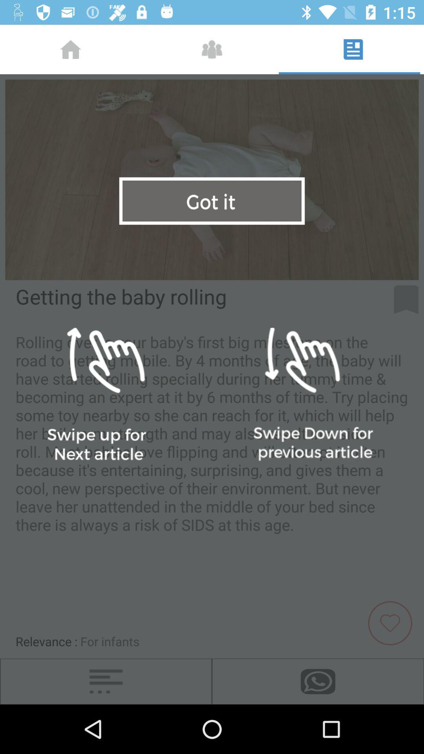 This screenshot has height=754, width=424. What do you see at coordinates (406, 299) in the screenshot?
I see `bookmark the article` at bounding box center [406, 299].